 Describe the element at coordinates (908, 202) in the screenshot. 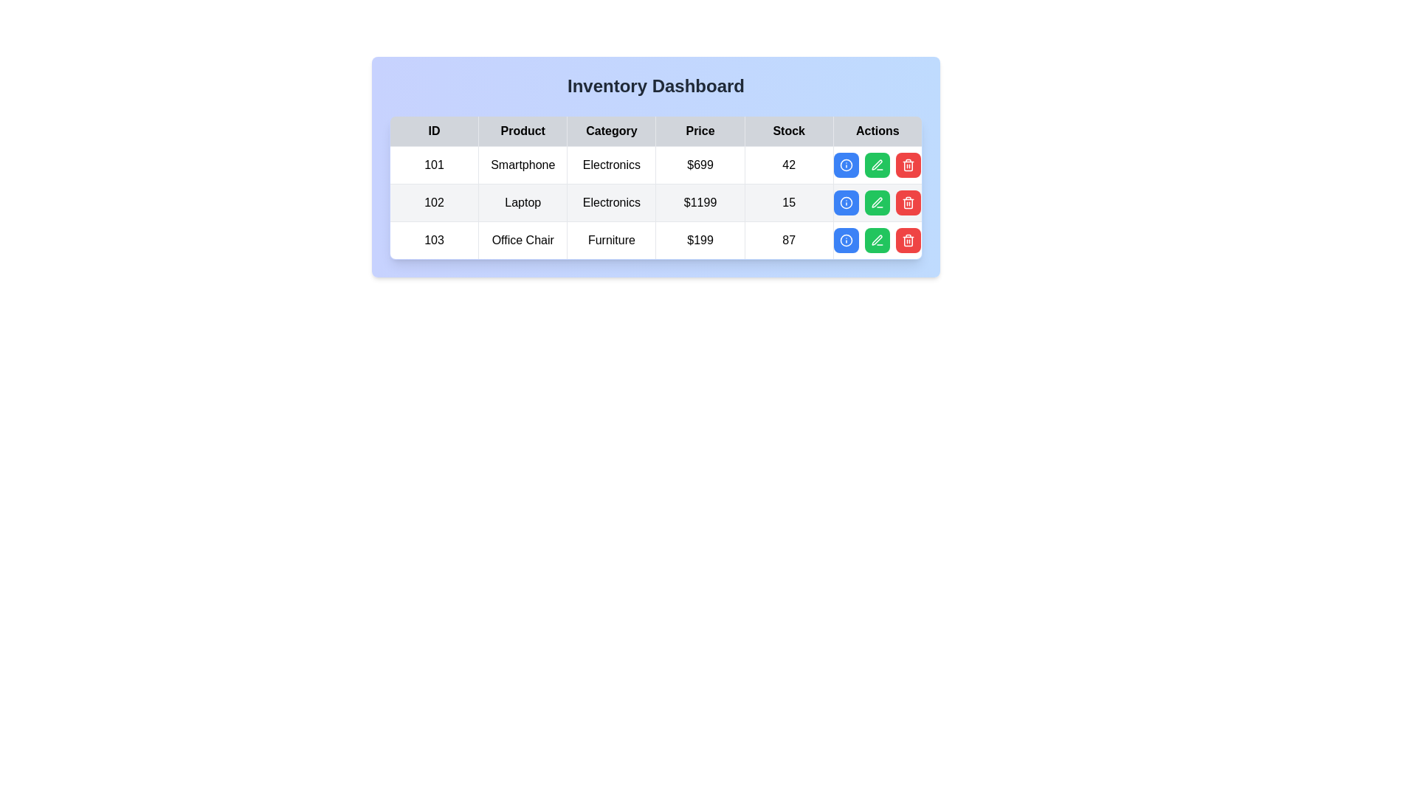

I see `delete button for the row corresponding to 102` at that location.